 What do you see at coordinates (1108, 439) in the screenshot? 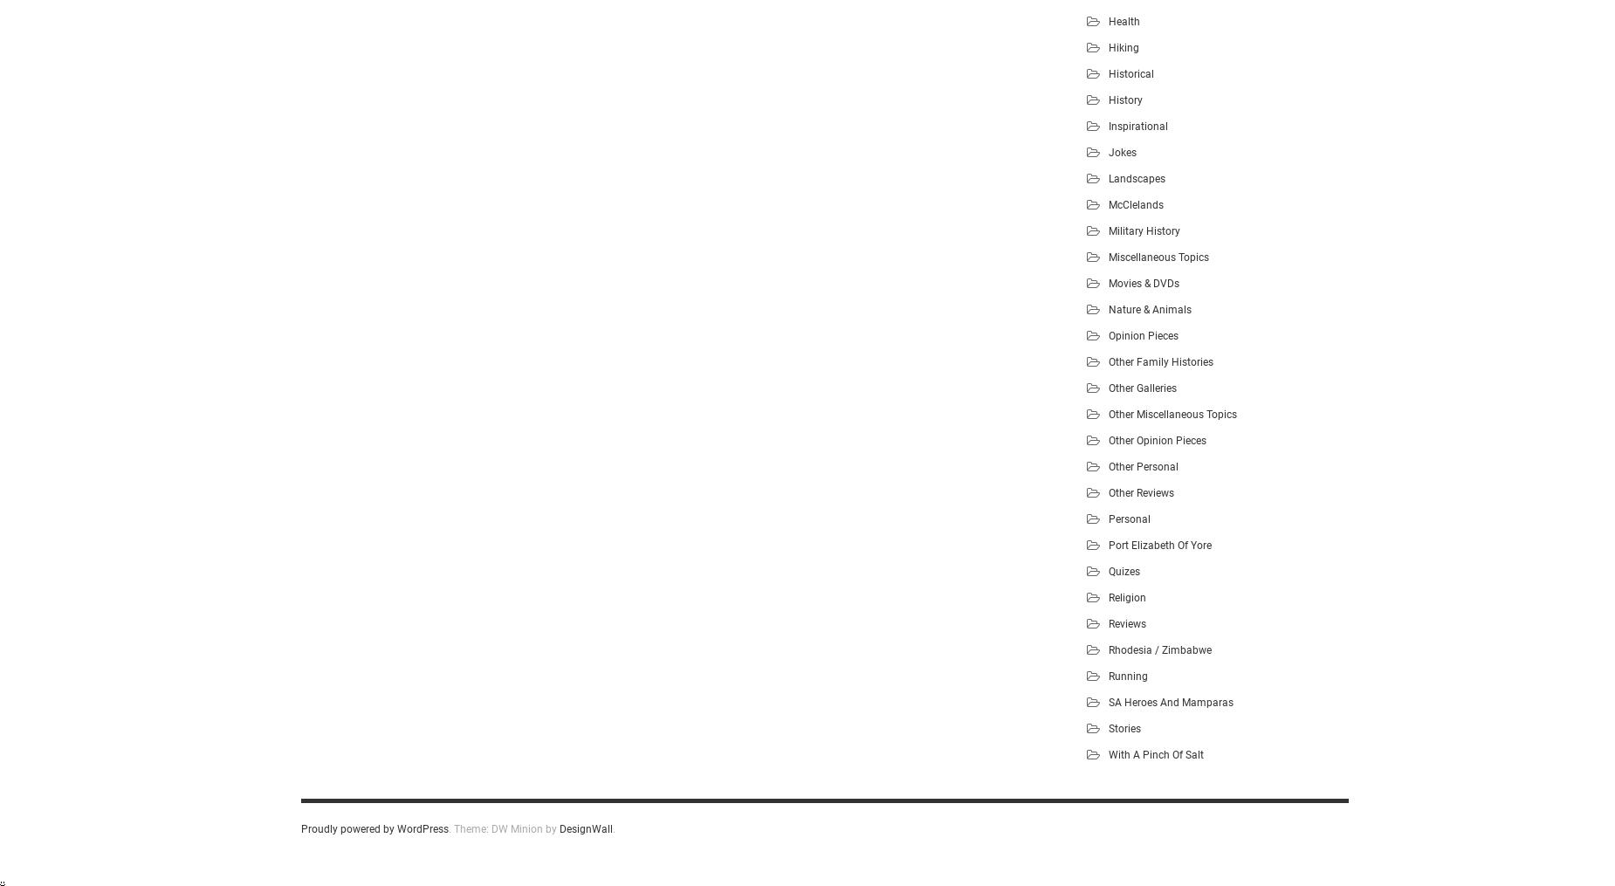
I see `'Other Opinion Pieces'` at bounding box center [1108, 439].